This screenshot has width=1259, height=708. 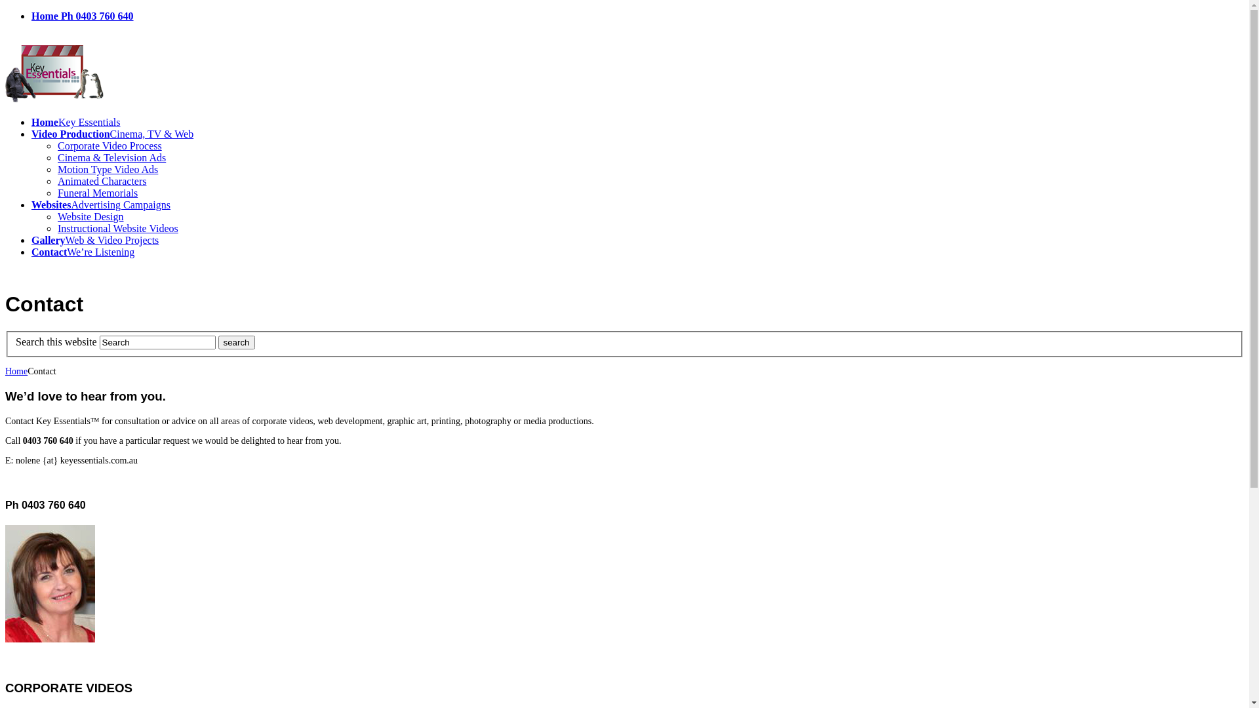 I want to click on 'Home Ph 0403 760 640', so click(x=81, y=16).